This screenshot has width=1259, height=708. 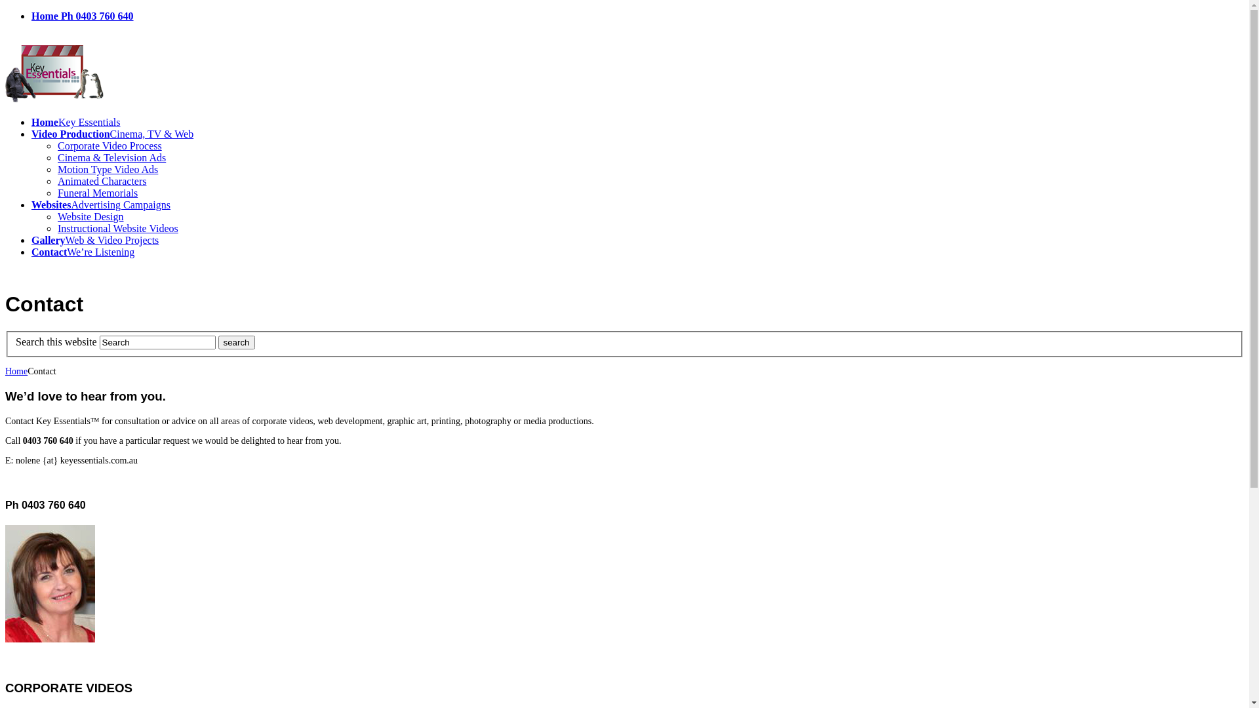 I want to click on 'Home Ph 0403 760 640', so click(x=81, y=16).